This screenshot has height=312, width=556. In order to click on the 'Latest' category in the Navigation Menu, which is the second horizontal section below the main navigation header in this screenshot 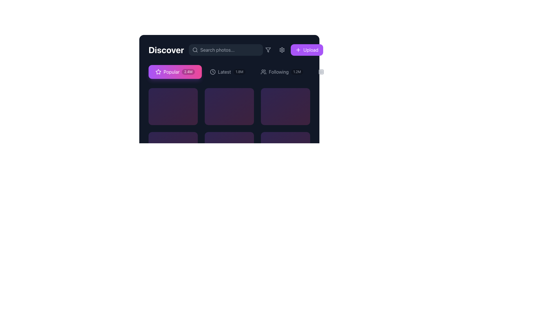, I will do `click(229, 72)`.